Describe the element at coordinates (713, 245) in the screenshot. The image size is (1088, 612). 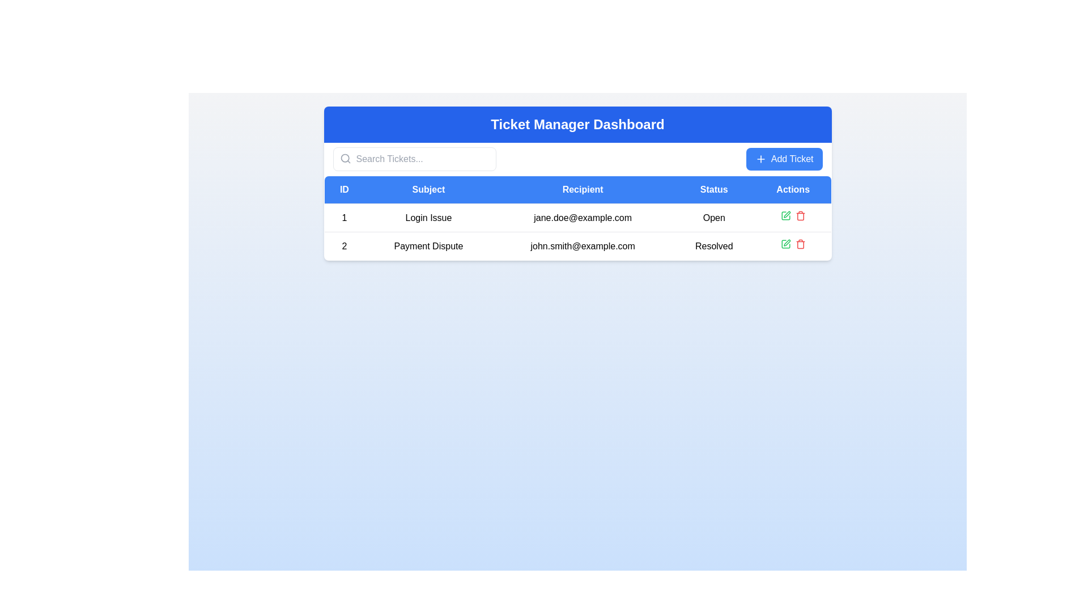
I see `the Text label indicating the resolution status for the entry corresponding to 'jane.doe@example.com', located in the fourth column of the second row` at that location.